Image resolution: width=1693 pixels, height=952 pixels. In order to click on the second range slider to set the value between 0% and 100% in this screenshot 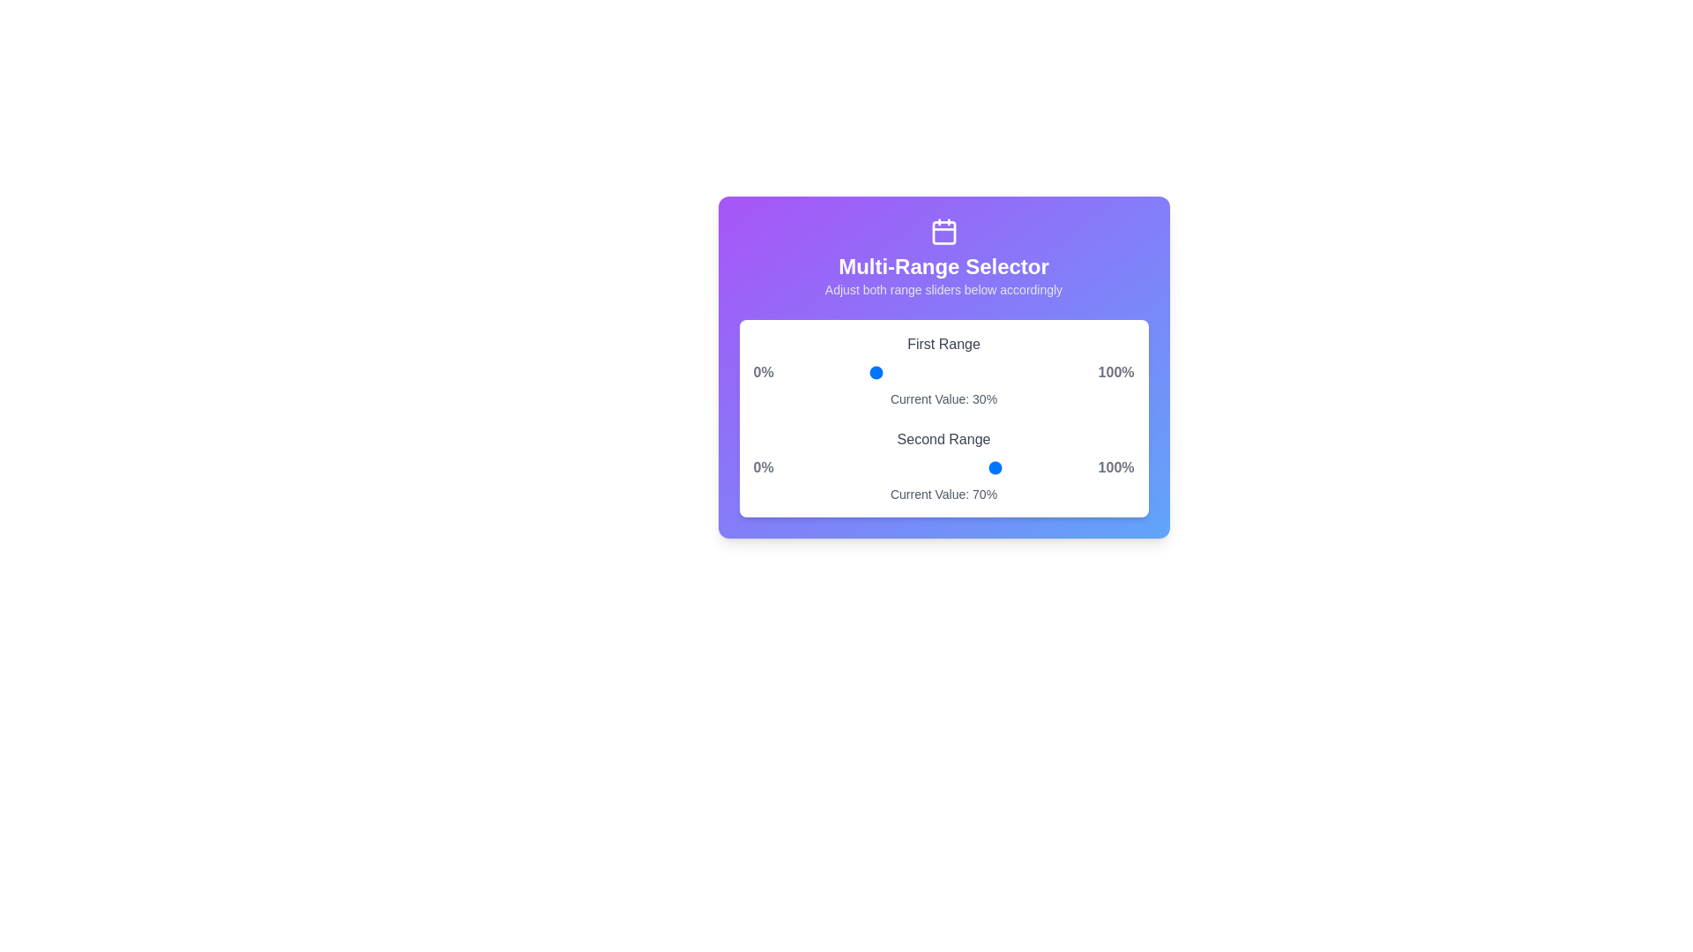, I will do `click(943, 465)`.